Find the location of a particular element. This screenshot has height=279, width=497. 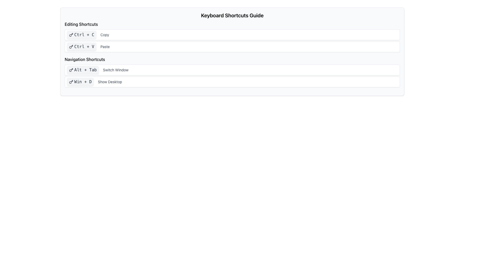

the 'Show Desktop' label displayed in small gray font located beneath 'Win + D' in the bottom row under the 'Navigation Shortcuts' section is located at coordinates (109, 81).